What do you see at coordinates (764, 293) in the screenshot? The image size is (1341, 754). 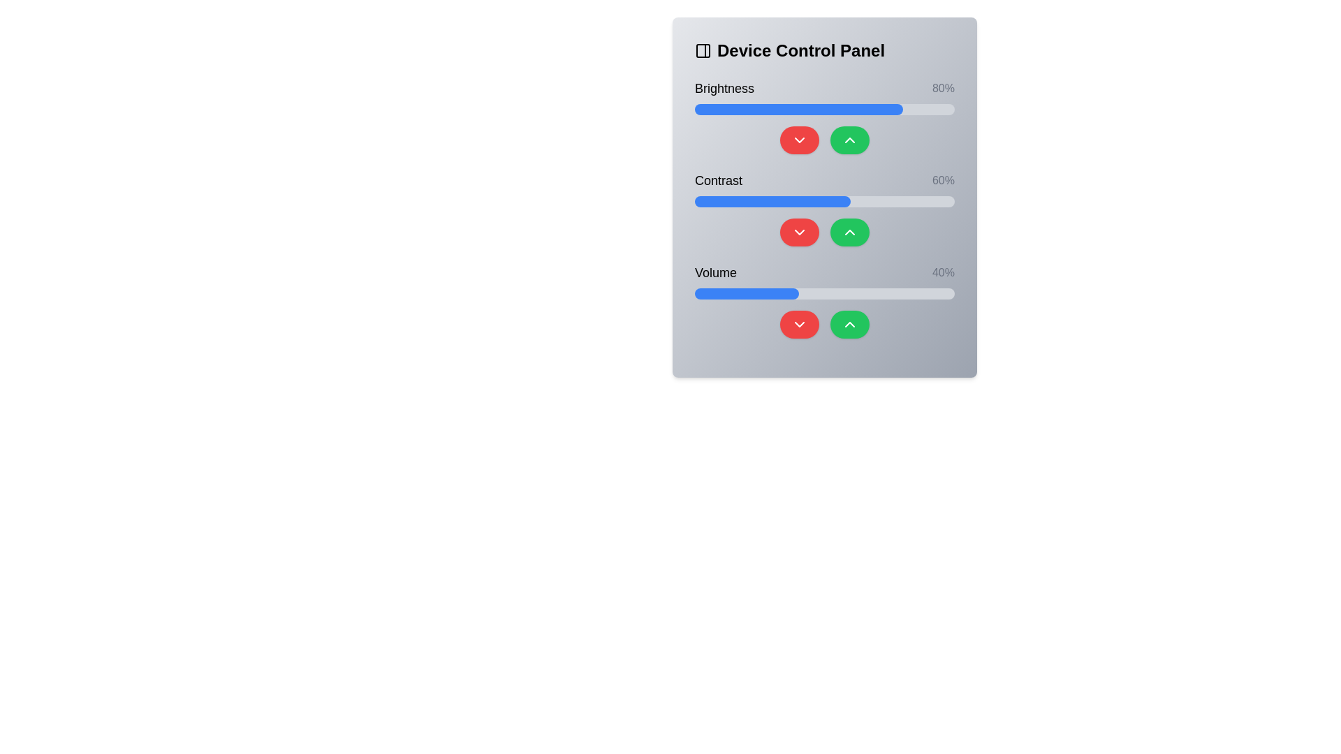 I see `the progress of the slider` at bounding box center [764, 293].